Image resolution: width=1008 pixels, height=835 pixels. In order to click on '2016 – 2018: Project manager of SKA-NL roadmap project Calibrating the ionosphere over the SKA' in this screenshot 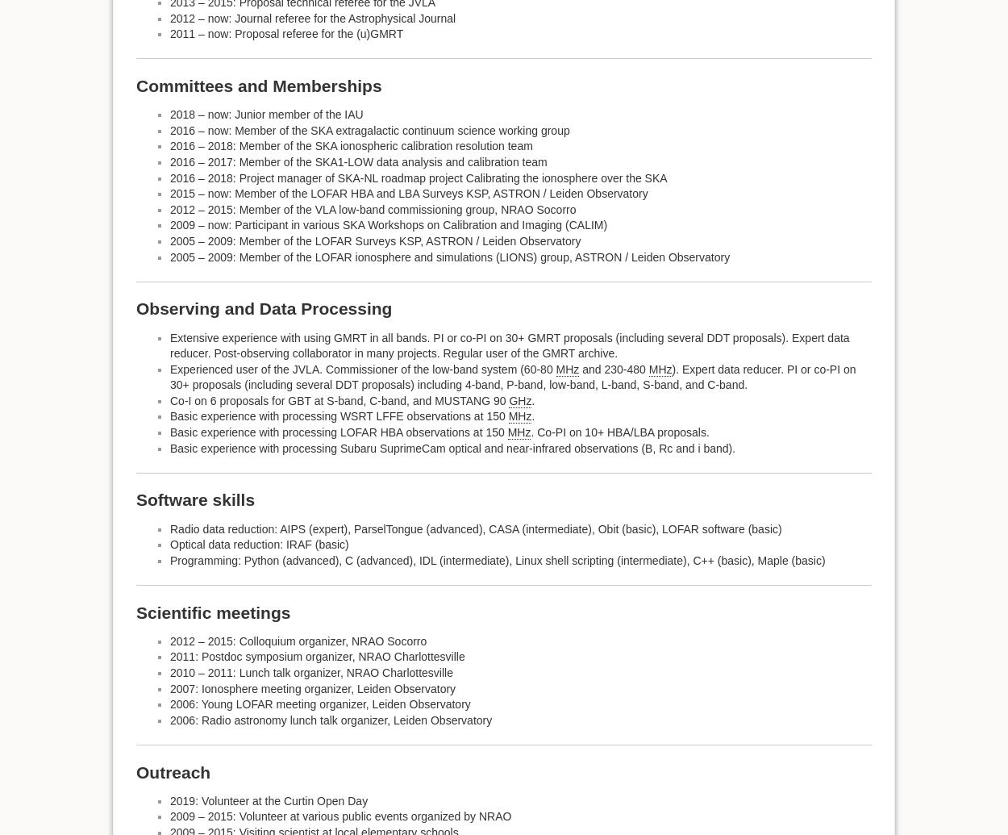, I will do `click(169, 177)`.